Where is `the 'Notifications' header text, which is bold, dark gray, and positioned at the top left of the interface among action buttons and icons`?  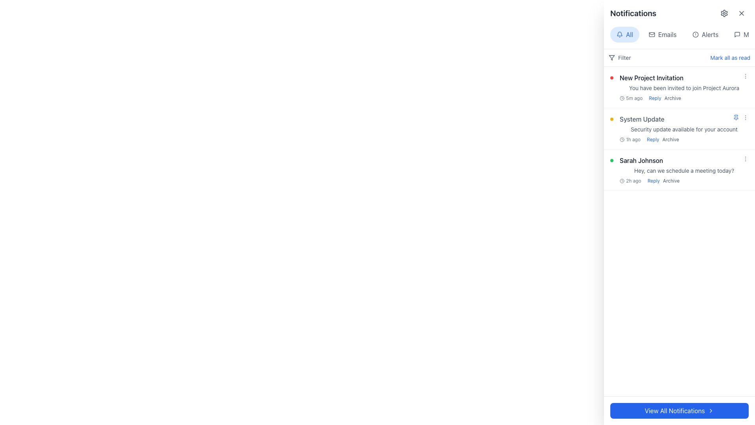 the 'Notifications' header text, which is bold, dark gray, and positioned at the top left of the interface among action buttons and icons is located at coordinates (633, 13).